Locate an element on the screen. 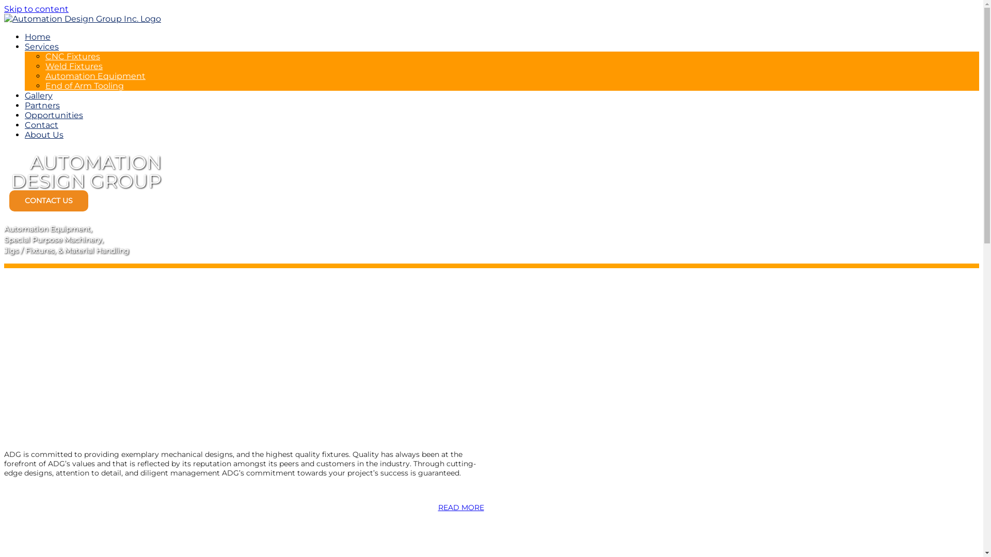  'Skip to content' is located at coordinates (36, 9).